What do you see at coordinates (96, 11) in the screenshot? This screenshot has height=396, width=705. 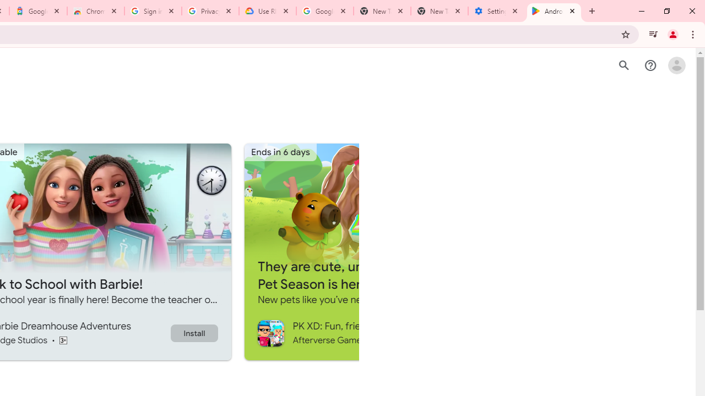 I see `'Chrome Web Store - Color themes by Chrome'` at bounding box center [96, 11].